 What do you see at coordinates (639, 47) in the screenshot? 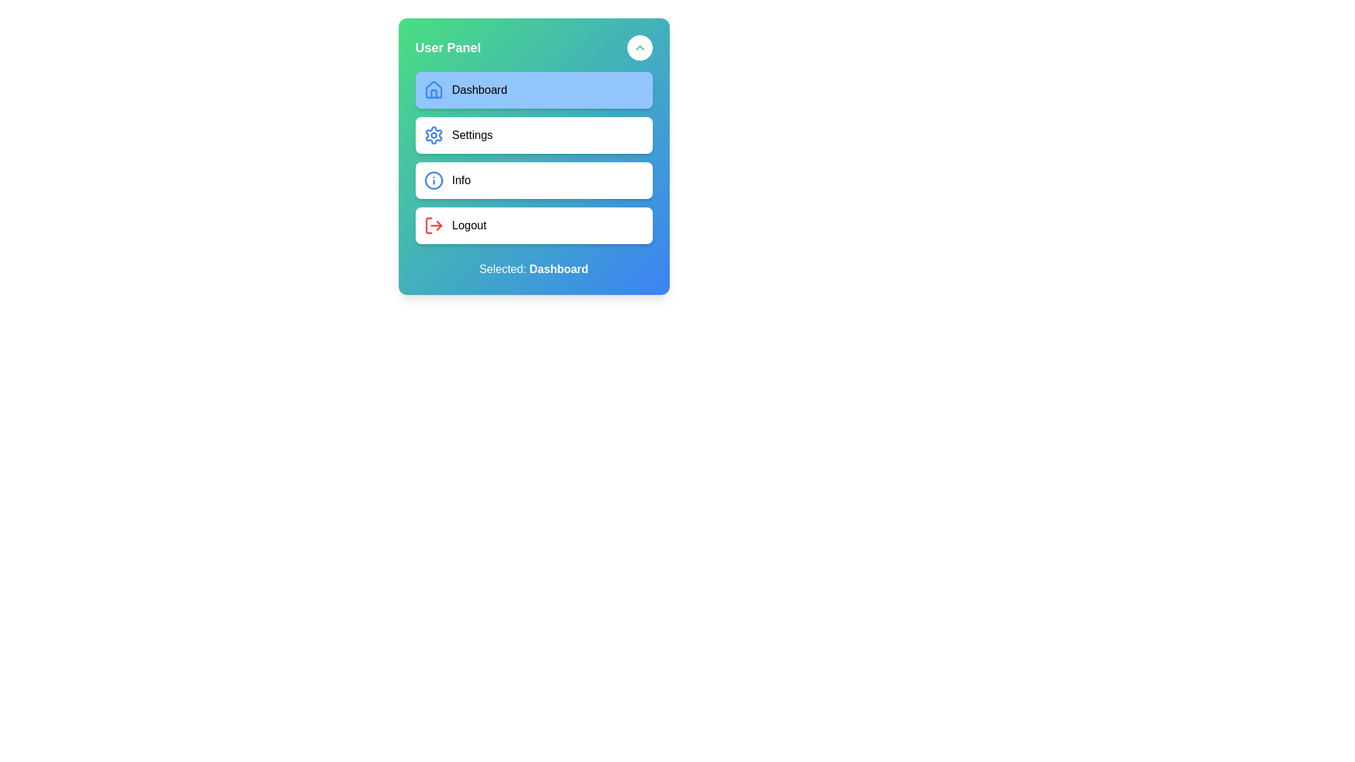
I see `the rounded white icon in the top-right corner of the panel that is used to toggle or collapse a menu or section` at bounding box center [639, 47].